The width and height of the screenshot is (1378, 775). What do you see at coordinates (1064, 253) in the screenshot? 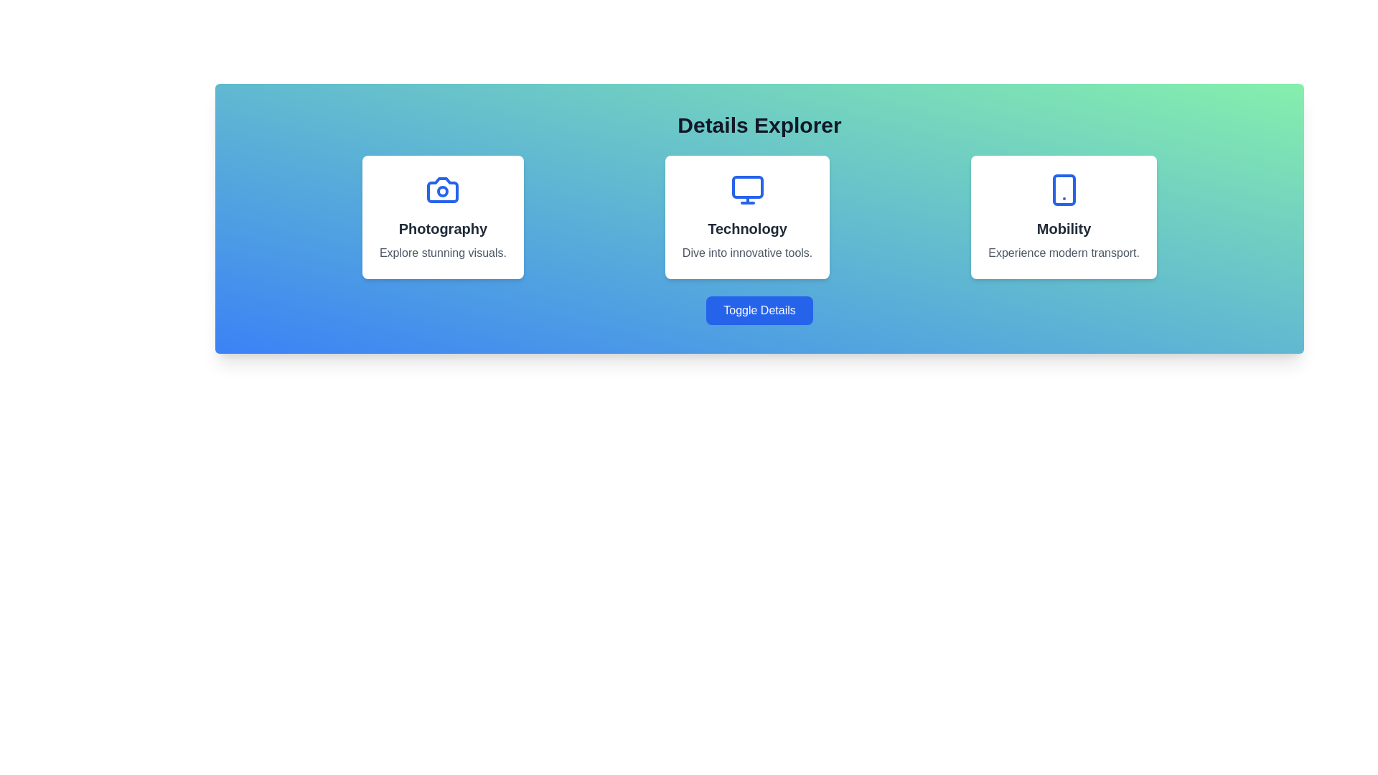
I see `descriptive text element located within the 'Mobility' card, positioned centrally below the title 'Mobility'` at bounding box center [1064, 253].